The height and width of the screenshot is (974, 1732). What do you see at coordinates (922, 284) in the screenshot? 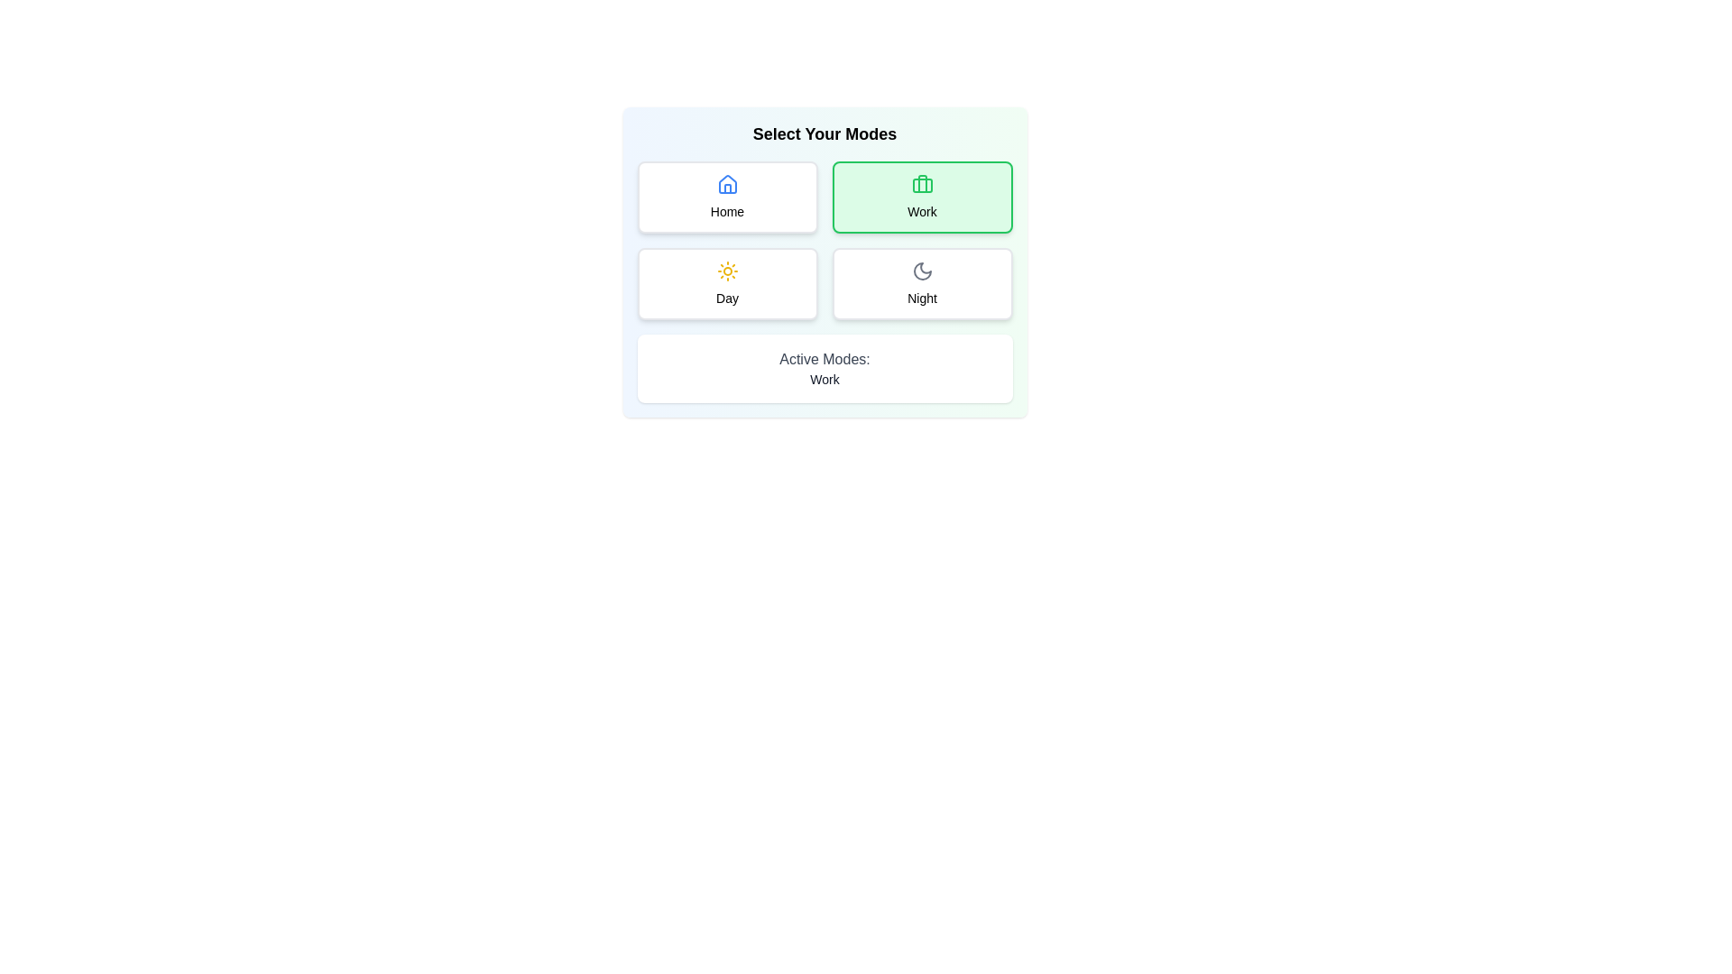
I see `the mode Night by clicking its corresponding button` at bounding box center [922, 284].